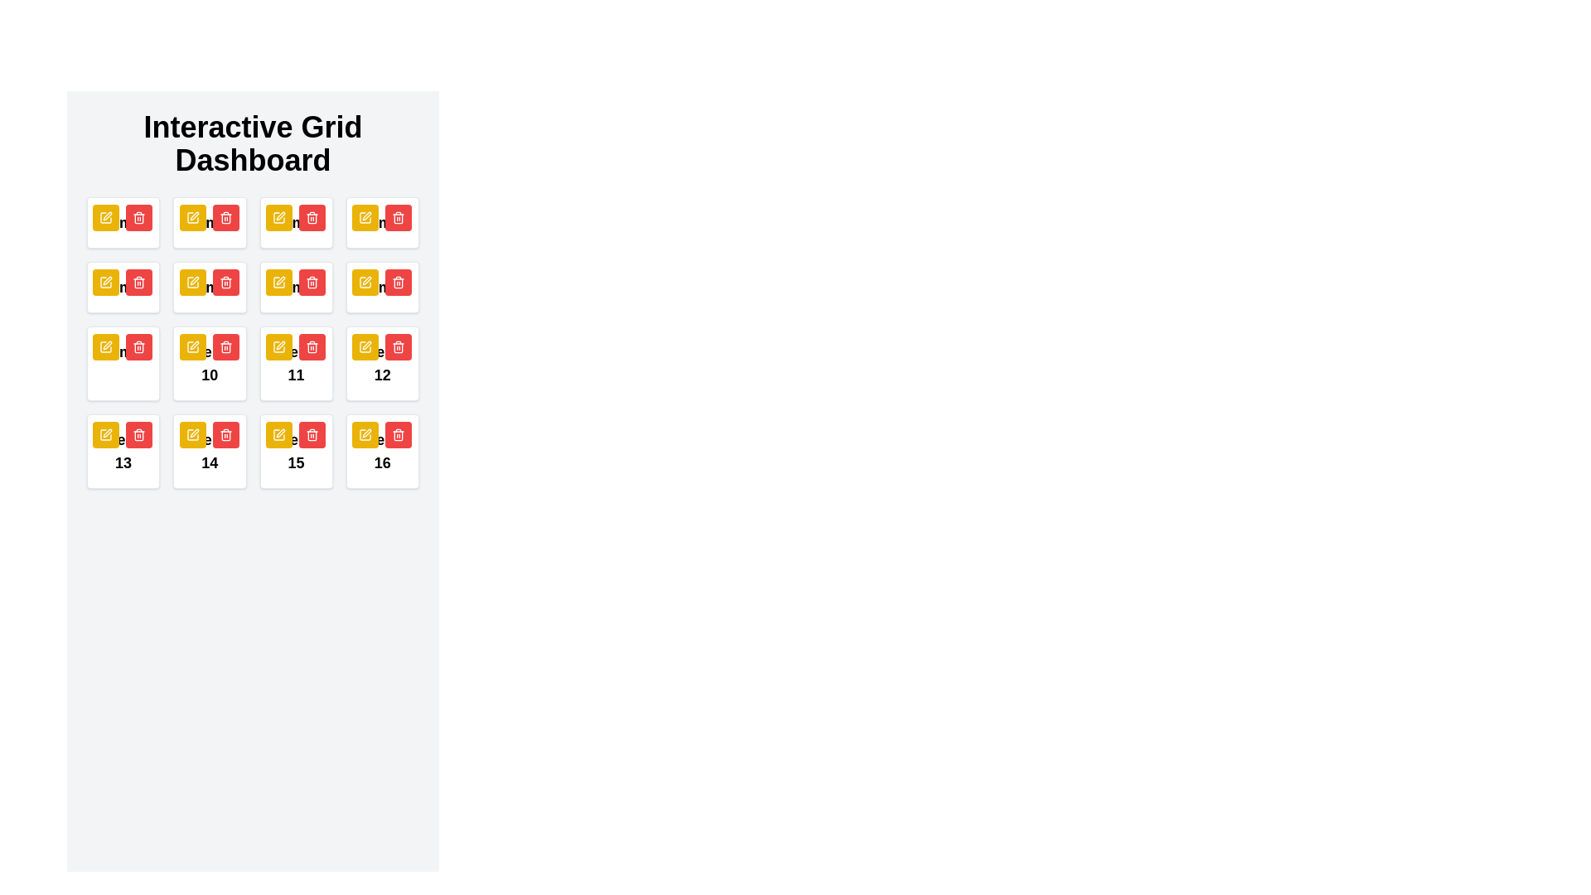 Image resolution: width=1591 pixels, height=895 pixels. What do you see at coordinates (225, 281) in the screenshot?
I see `the second interactive button with a red background and trash bin icon, located in the top-right corner of the card` at bounding box center [225, 281].